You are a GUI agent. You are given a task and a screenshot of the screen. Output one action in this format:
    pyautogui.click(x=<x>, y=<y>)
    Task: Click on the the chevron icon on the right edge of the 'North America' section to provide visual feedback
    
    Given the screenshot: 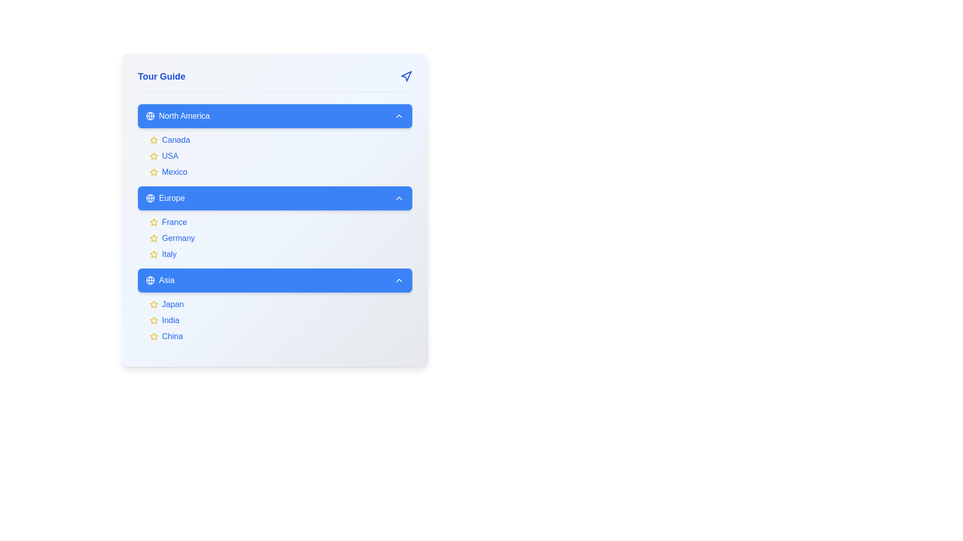 What is the action you would take?
    pyautogui.click(x=399, y=115)
    